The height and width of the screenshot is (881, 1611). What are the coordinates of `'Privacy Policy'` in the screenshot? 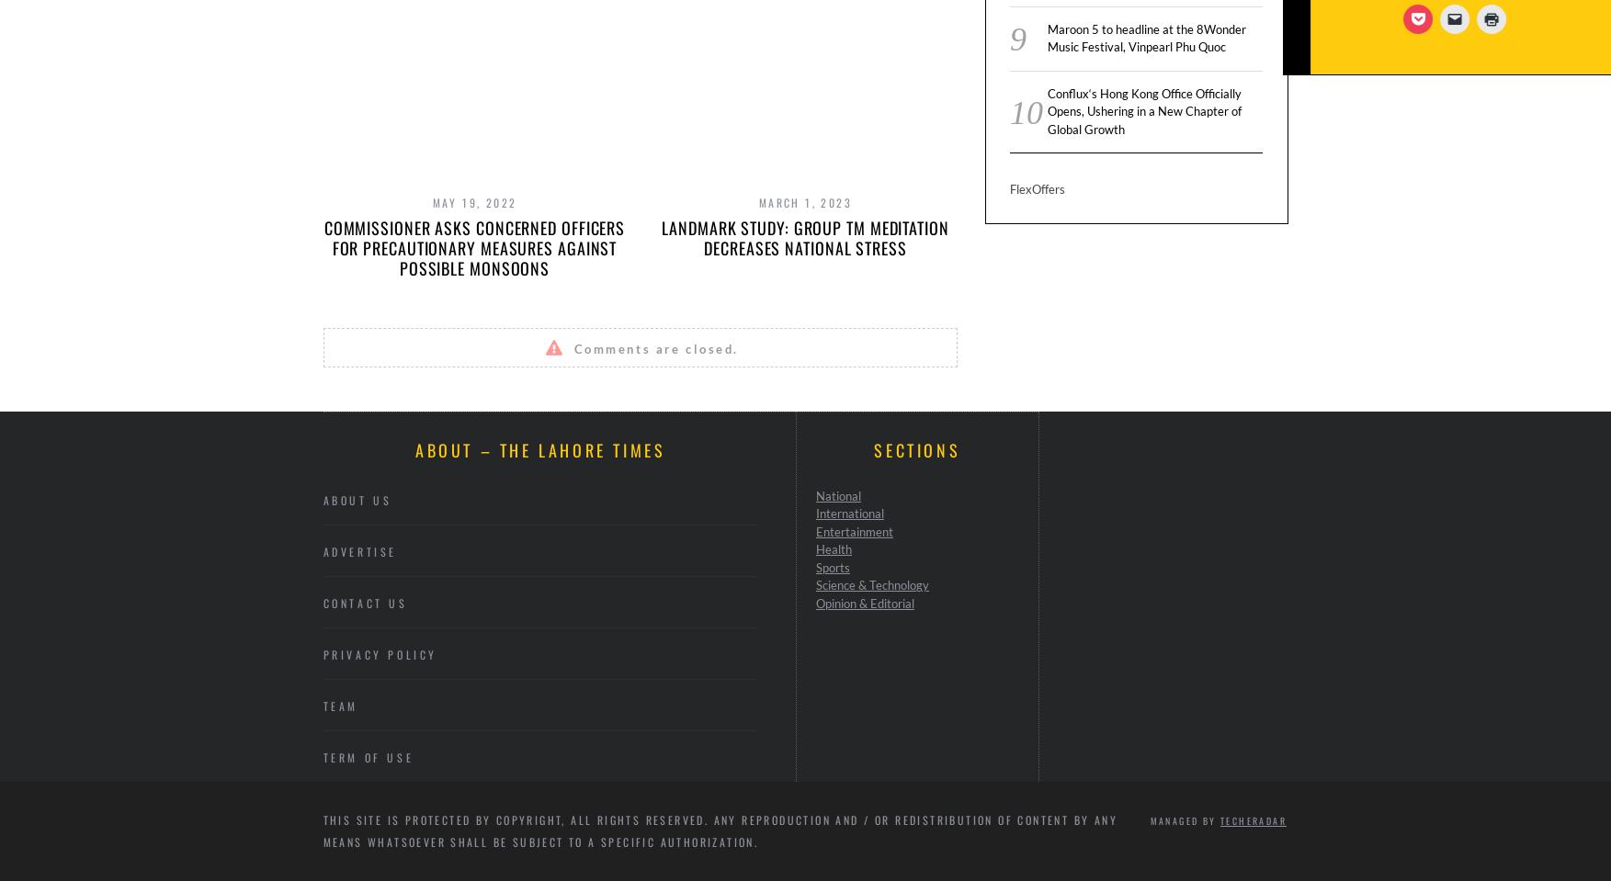 It's located at (379, 652).